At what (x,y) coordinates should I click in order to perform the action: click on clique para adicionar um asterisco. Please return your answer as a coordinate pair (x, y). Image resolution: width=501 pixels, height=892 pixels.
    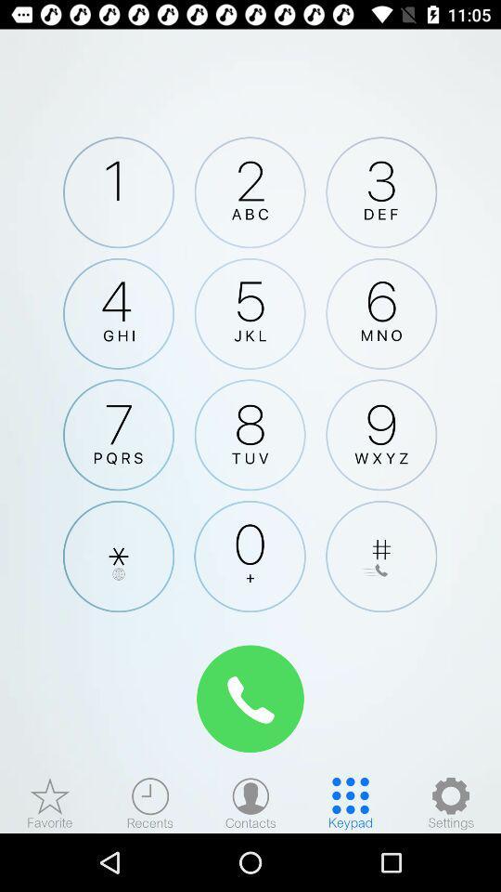
    Looking at the image, I should click on (119, 557).